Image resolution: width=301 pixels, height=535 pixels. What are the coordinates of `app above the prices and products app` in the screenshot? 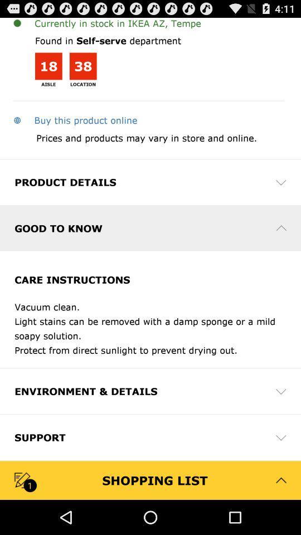 It's located at (75, 120).